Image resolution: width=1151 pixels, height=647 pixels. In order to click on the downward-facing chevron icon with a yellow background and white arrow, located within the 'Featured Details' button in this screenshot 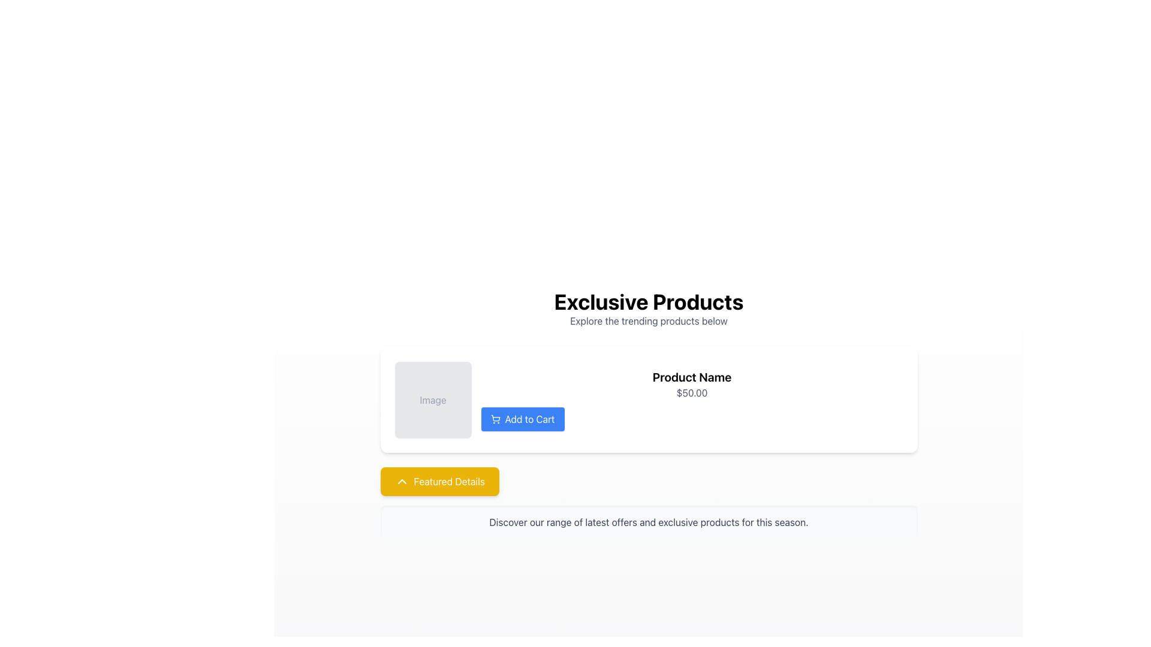, I will do `click(402, 480)`.